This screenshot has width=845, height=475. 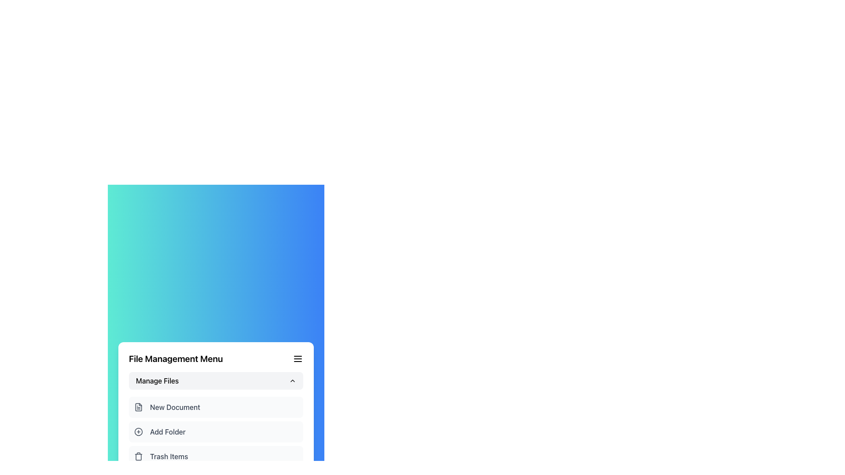 I want to click on the 'New Document' icon in the 'File Management Menu' to visually recognize the action for creating a new document, so click(x=138, y=407).